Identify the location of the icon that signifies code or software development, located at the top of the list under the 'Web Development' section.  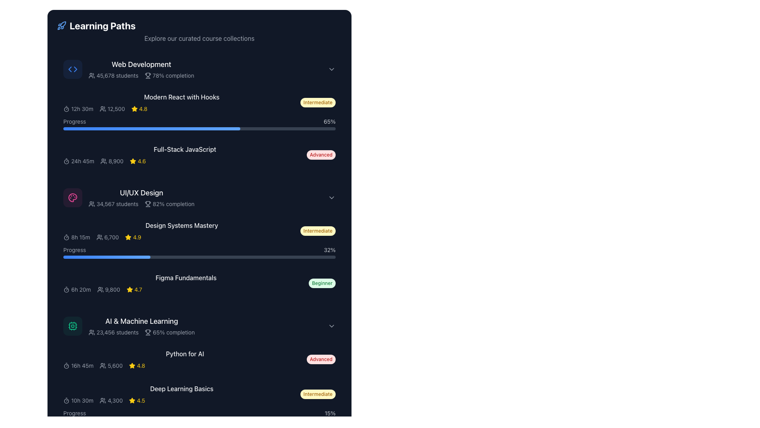
(72, 69).